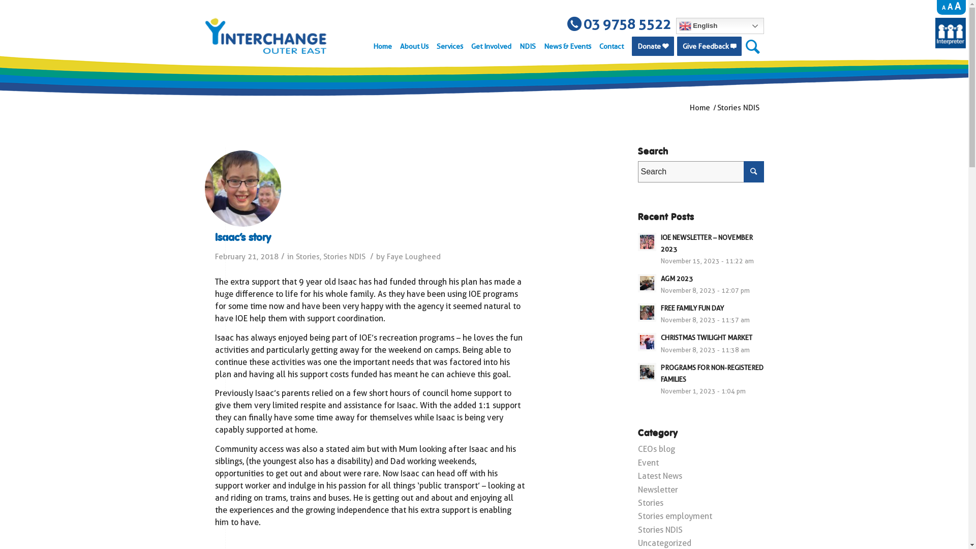 The image size is (976, 549). Describe the element at coordinates (619, 23) in the screenshot. I see `'03 9758 5522'` at that location.